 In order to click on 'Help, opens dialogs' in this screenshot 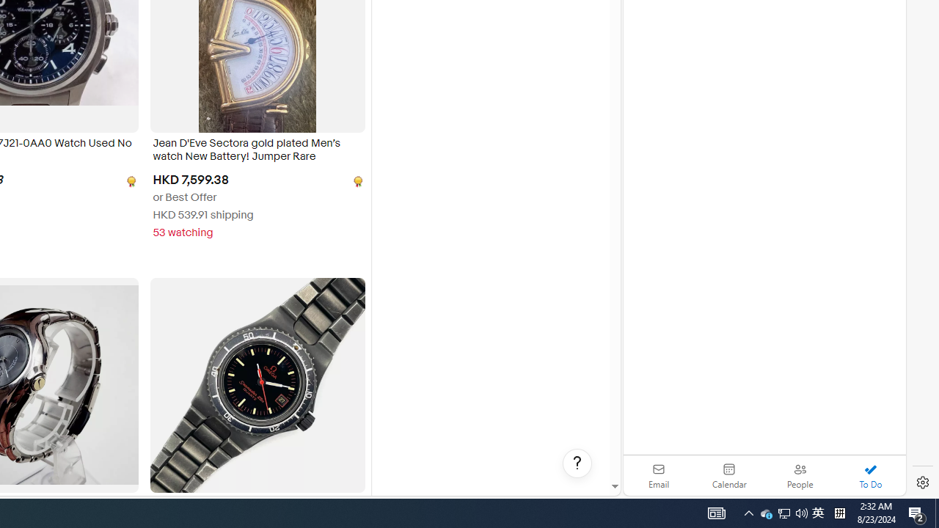, I will do `click(577, 463)`.